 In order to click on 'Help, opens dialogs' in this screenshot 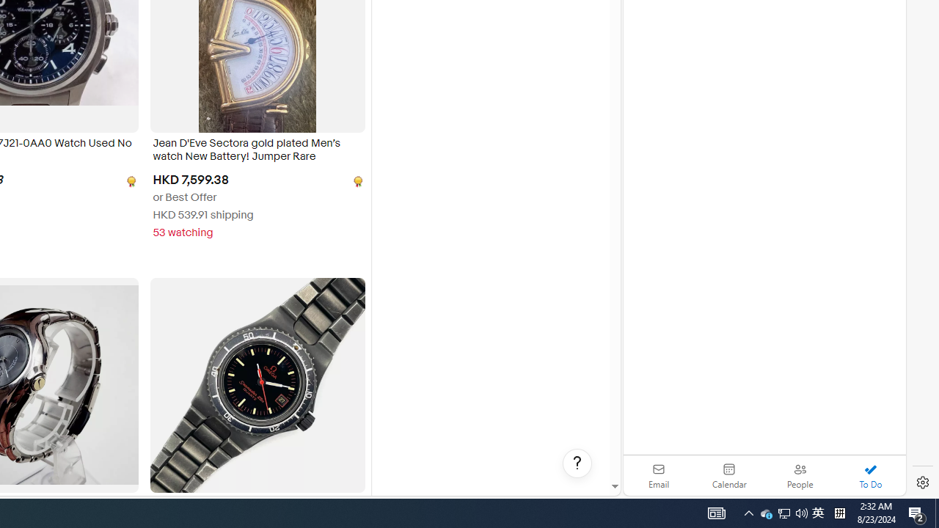, I will do `click(577, 463)`.